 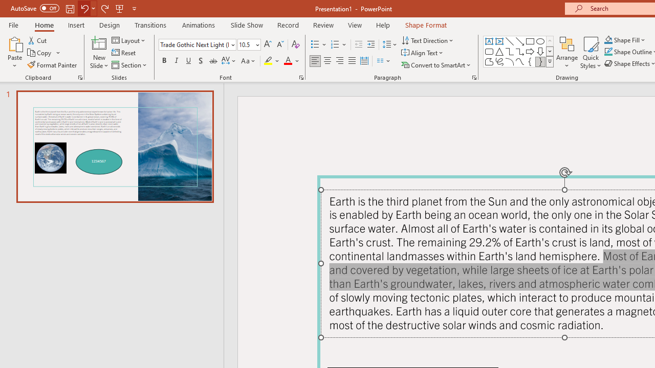 I want to click on 'Quick Styles', so click(x=591, y=53).